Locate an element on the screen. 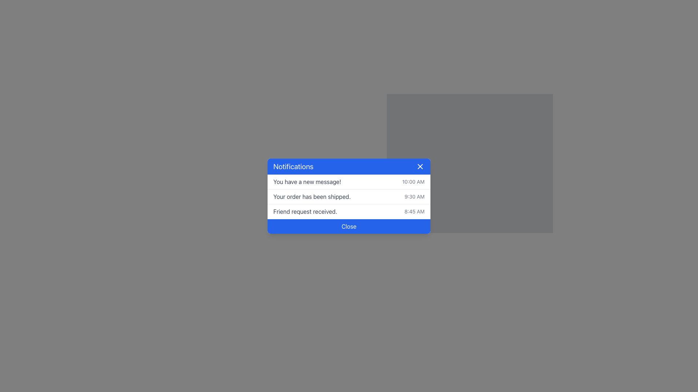 This screenshot has height=392, width=698. the blue rectangular 'Close' button with rounded bottom corners at the bottom of the notification dialog is located at coordinates (349, 226).